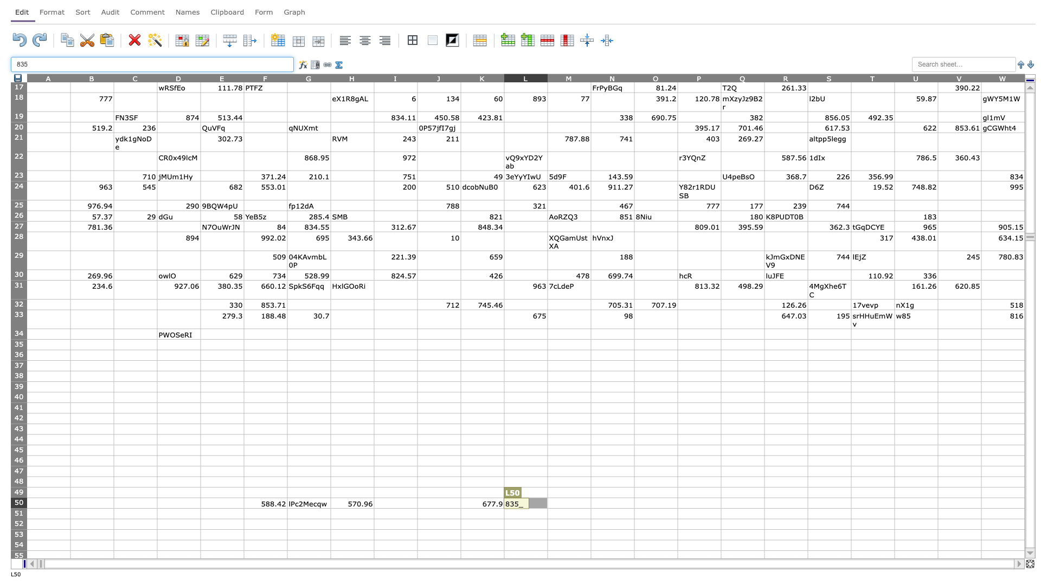  Describe the element at coordinates (590, 497) in the screenshot. I see `Top left corner of cell N-50` at that location.